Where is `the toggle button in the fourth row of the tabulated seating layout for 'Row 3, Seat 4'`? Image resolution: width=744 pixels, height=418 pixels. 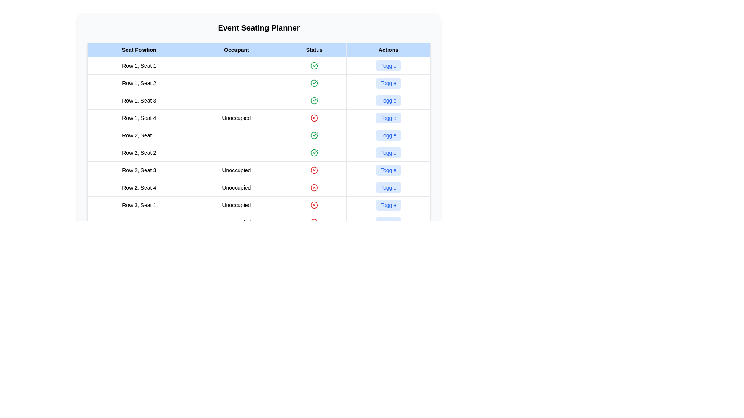 the toggle button in the fourth row of the tabulated seating layout for 'Row 3, Seat 4' is located at coordinates (258, 257).